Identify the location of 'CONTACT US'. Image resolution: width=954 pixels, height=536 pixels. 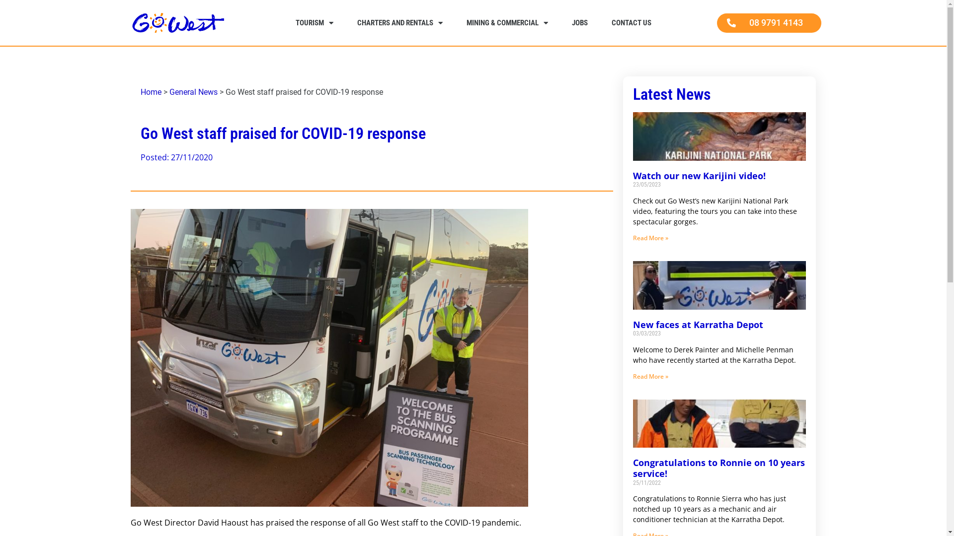
(631, 22).